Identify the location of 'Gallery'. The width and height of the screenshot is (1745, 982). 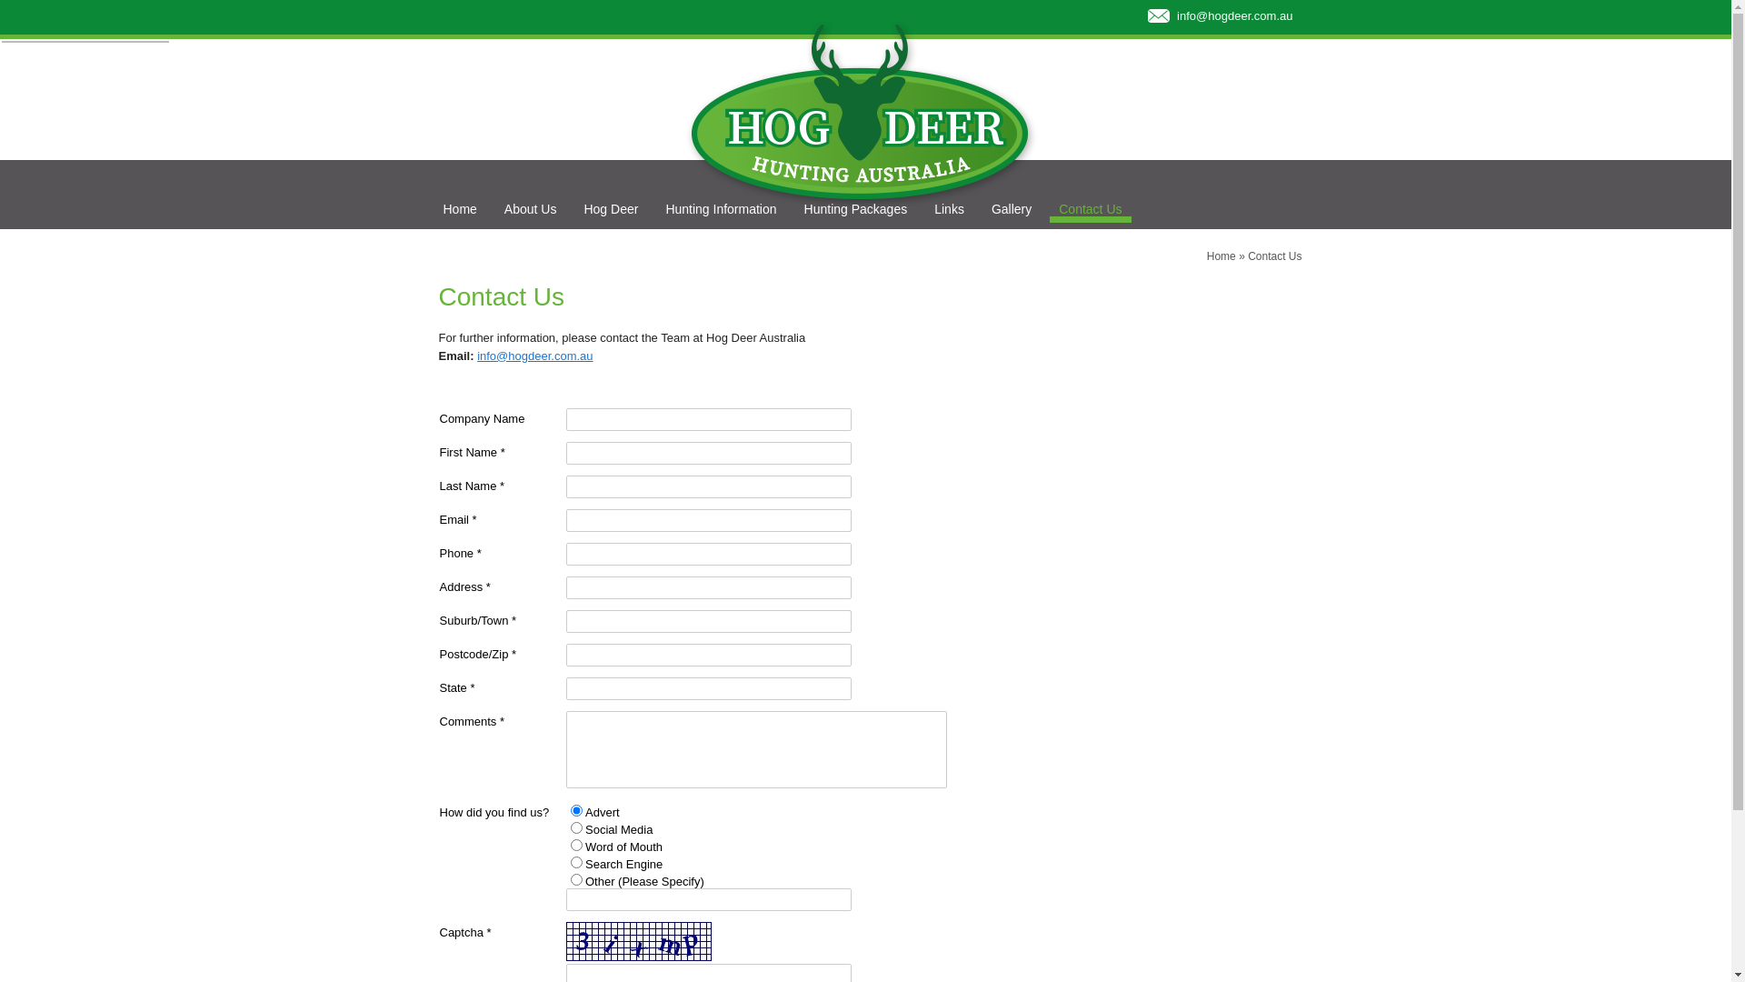
(981, 208).